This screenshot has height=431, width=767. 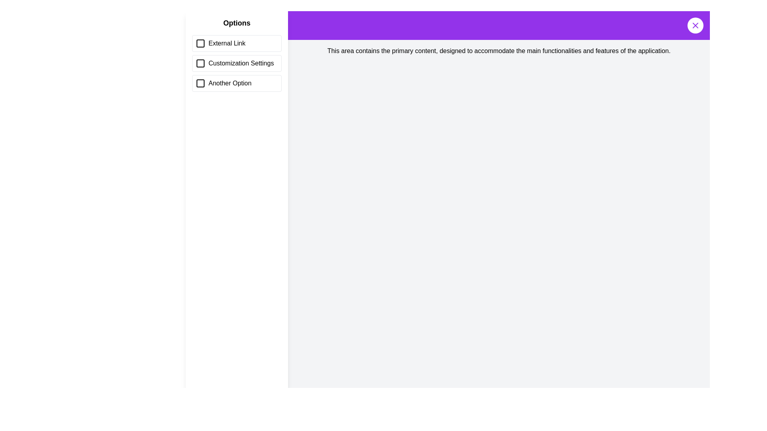 What do you see at coordinates (236, 54) in the screenshot?
I see `the 'Customization Settings' option in the sidebar menu` at bounding box center [236, 54].